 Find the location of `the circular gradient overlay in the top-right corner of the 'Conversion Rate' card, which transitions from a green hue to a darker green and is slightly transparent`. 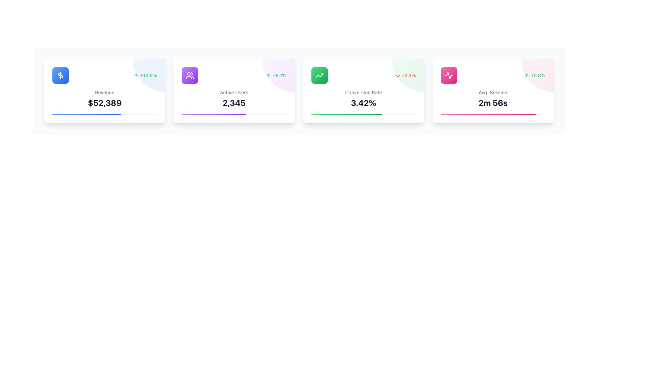

the circular gradient overlay in the top-right corner of the 'Conversion Rate' card, which transitions from a green hue to a darker green and is slightly transparent is located at coordinates (408, 75).